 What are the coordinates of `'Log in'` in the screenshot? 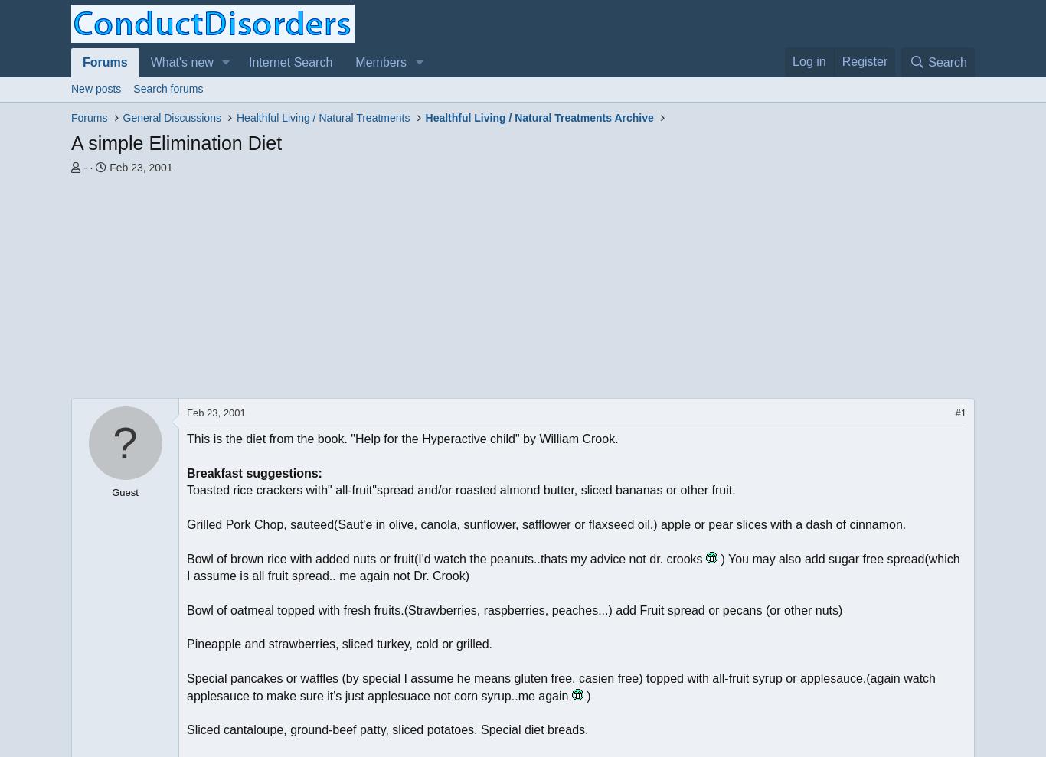 It's located at (808, 61).